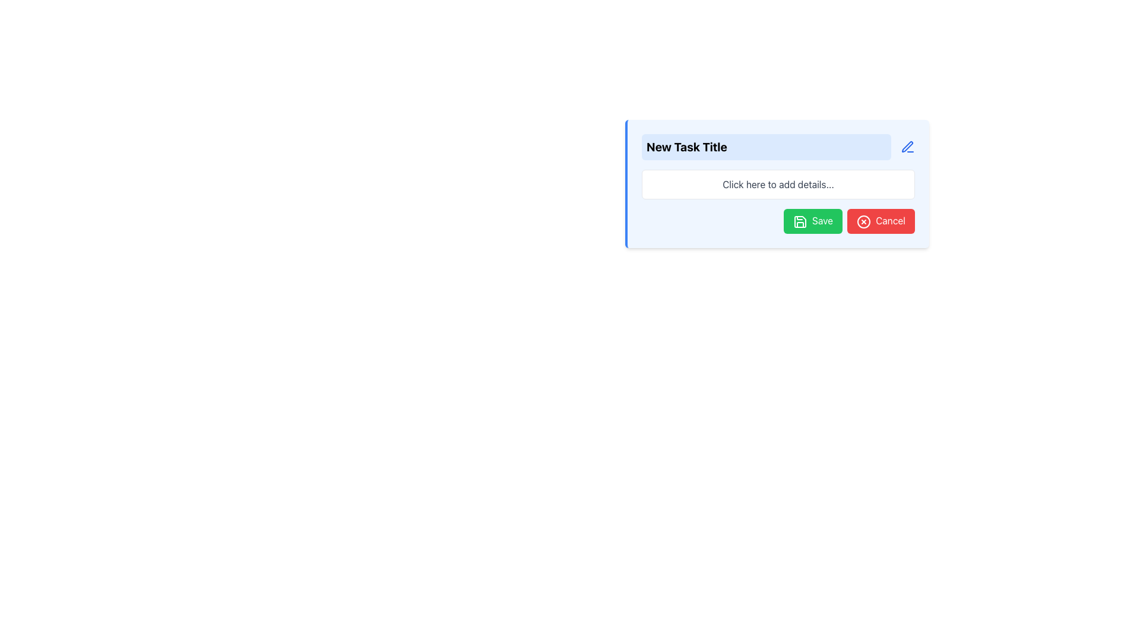 This screenshot has width=1140, height=641. Describe the element at coordinates (881, 221) in the screenshot. I see `the 'Cancel' button` at that location.